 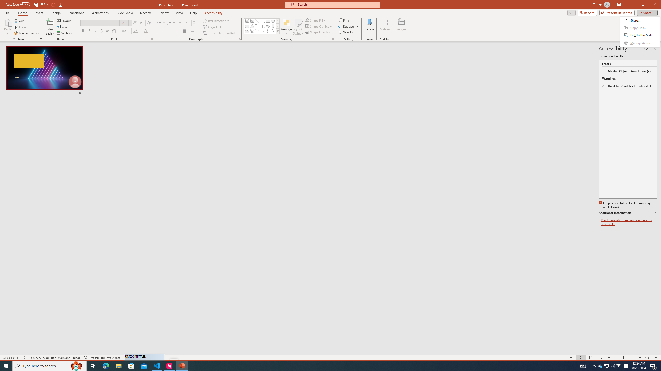 I want to click on 'Font...', so click(x=152, y=39).